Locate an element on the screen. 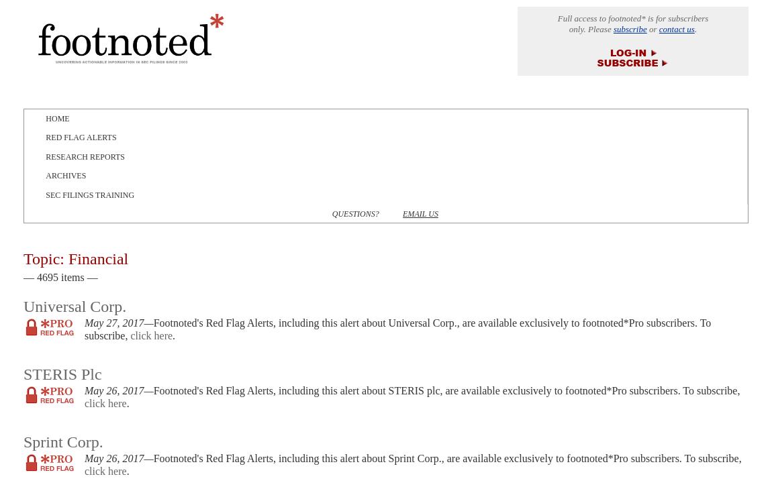 The width and height of the screenshot is (772, 493). 'ARCHIVES' is located at coordinates (64, 175).